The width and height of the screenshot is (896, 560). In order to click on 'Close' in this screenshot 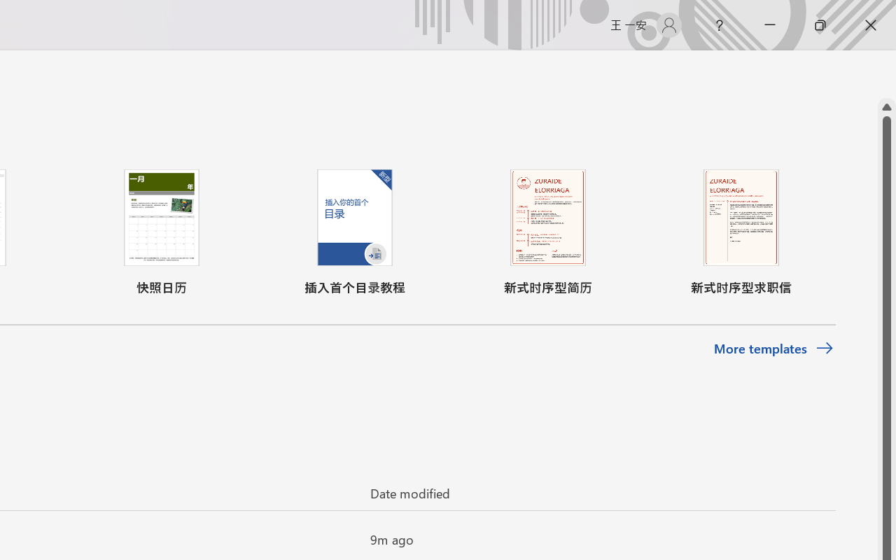, I will do `click(870, 24)`.